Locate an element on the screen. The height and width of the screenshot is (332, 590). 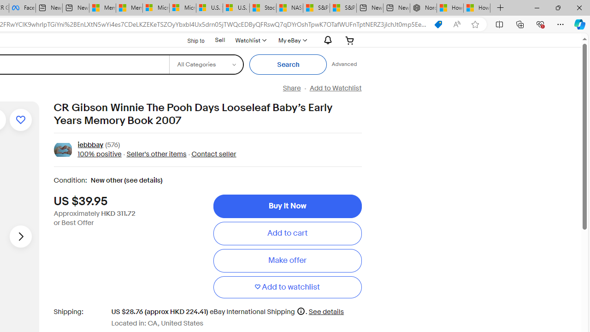
'Make offer' is located at coordinates (287, 261).